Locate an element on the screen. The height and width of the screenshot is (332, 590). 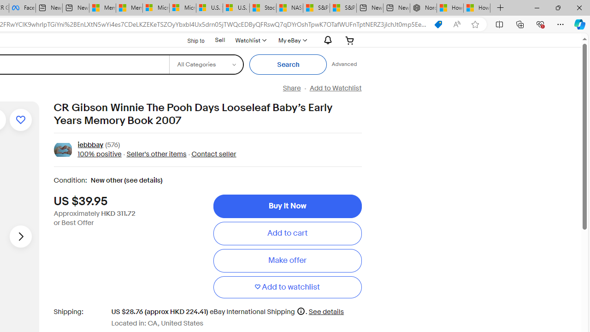
'Make offer' is located at coordinates (287, 261).